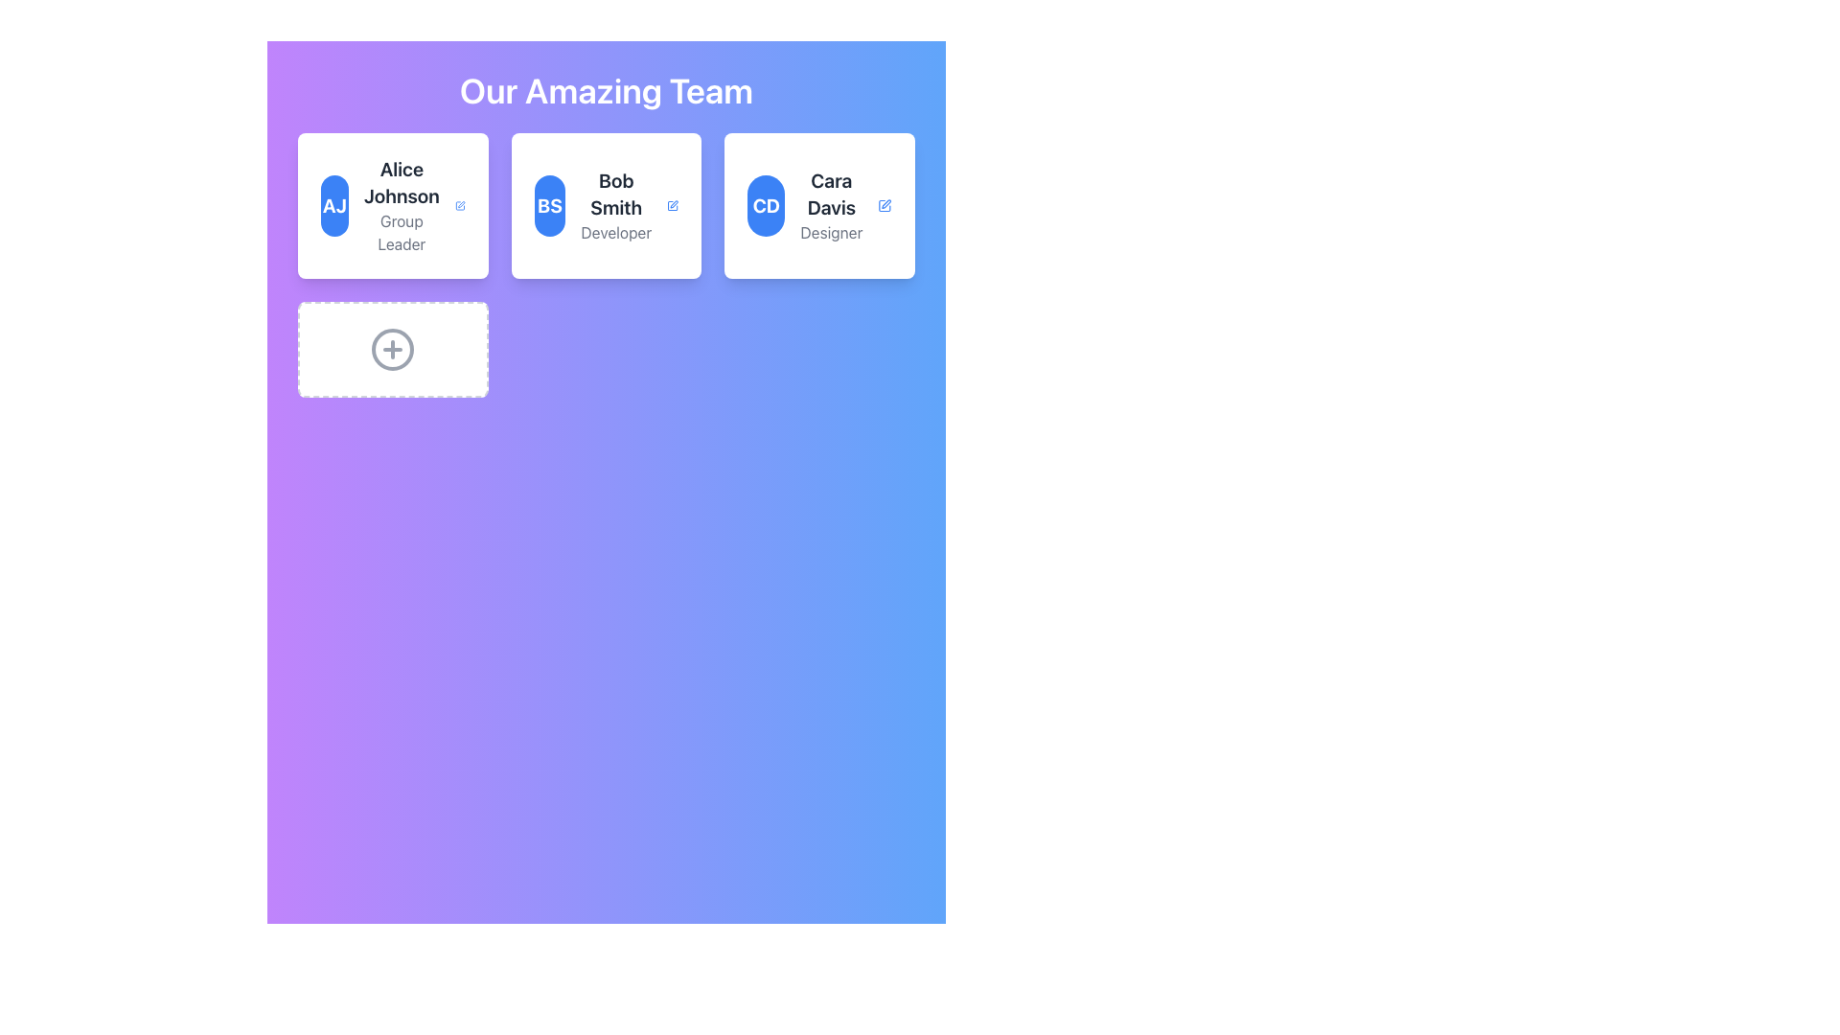 The width and height of the screenshot is (1840, 1035). Describe the element at coordinates (884, 206) in the screenshot. I see `the interactive square icon with a blue outline depicting a pen, located in the top-right corner of the card for 'Cara Davis', to initiate an edit action` at that location.